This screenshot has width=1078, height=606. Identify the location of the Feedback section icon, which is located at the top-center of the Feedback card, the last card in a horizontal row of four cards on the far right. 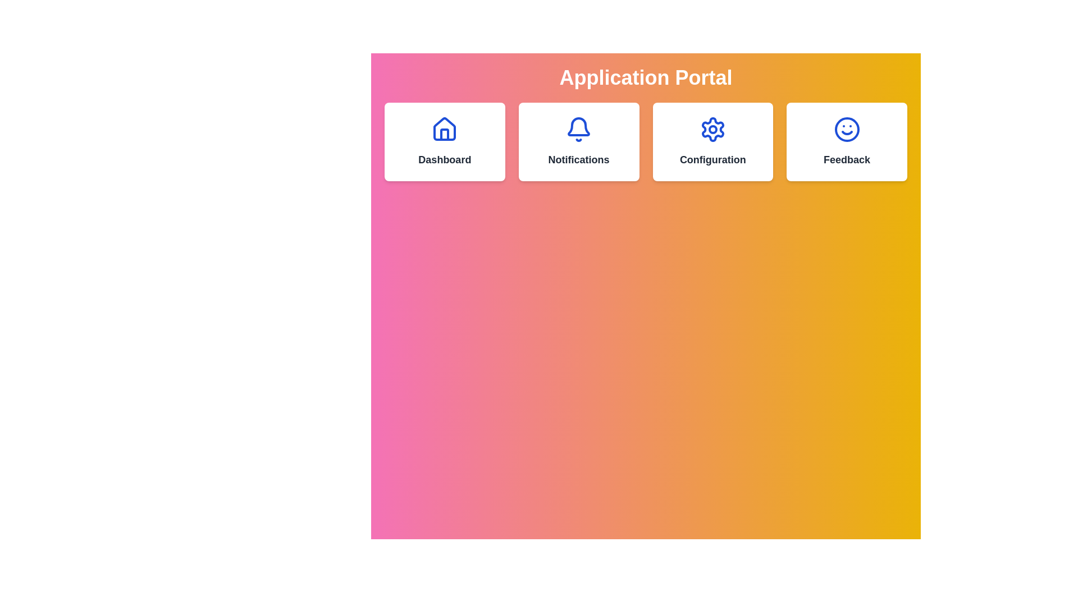
(847, 129).